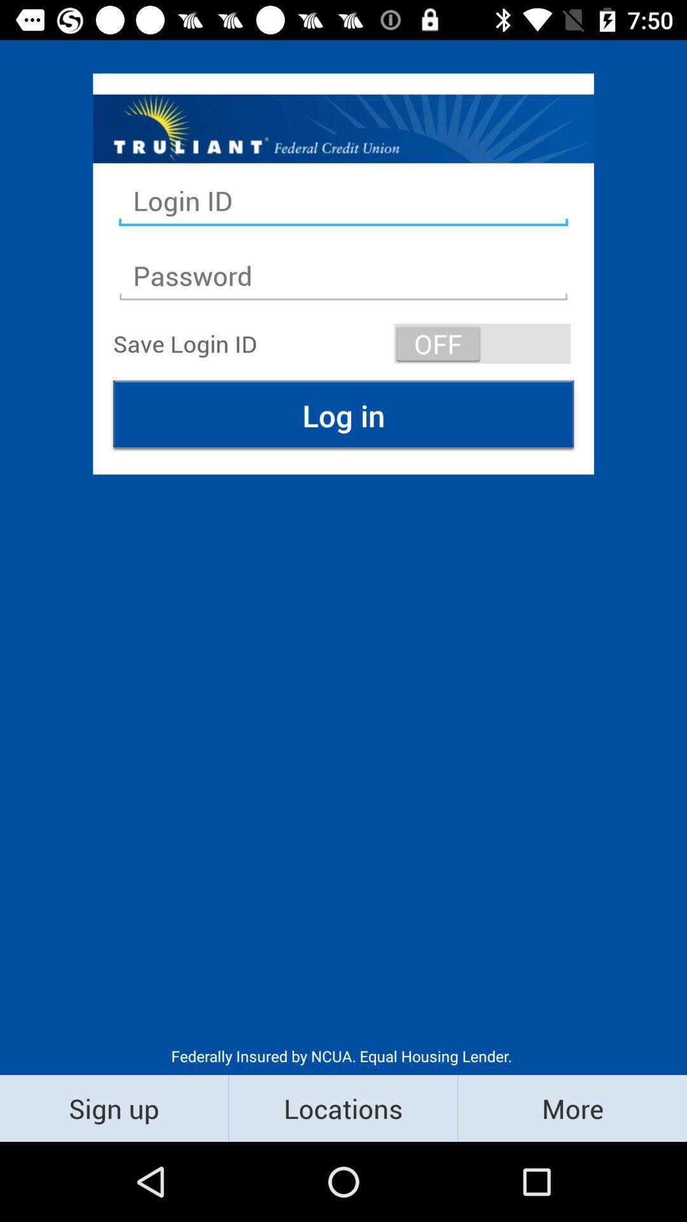 The image size is (687, 1222). What do you see at coordinates (571, 1107) in the screenshot?
I see `the icon below the federally insured by` at bounding box center [571, 1107].